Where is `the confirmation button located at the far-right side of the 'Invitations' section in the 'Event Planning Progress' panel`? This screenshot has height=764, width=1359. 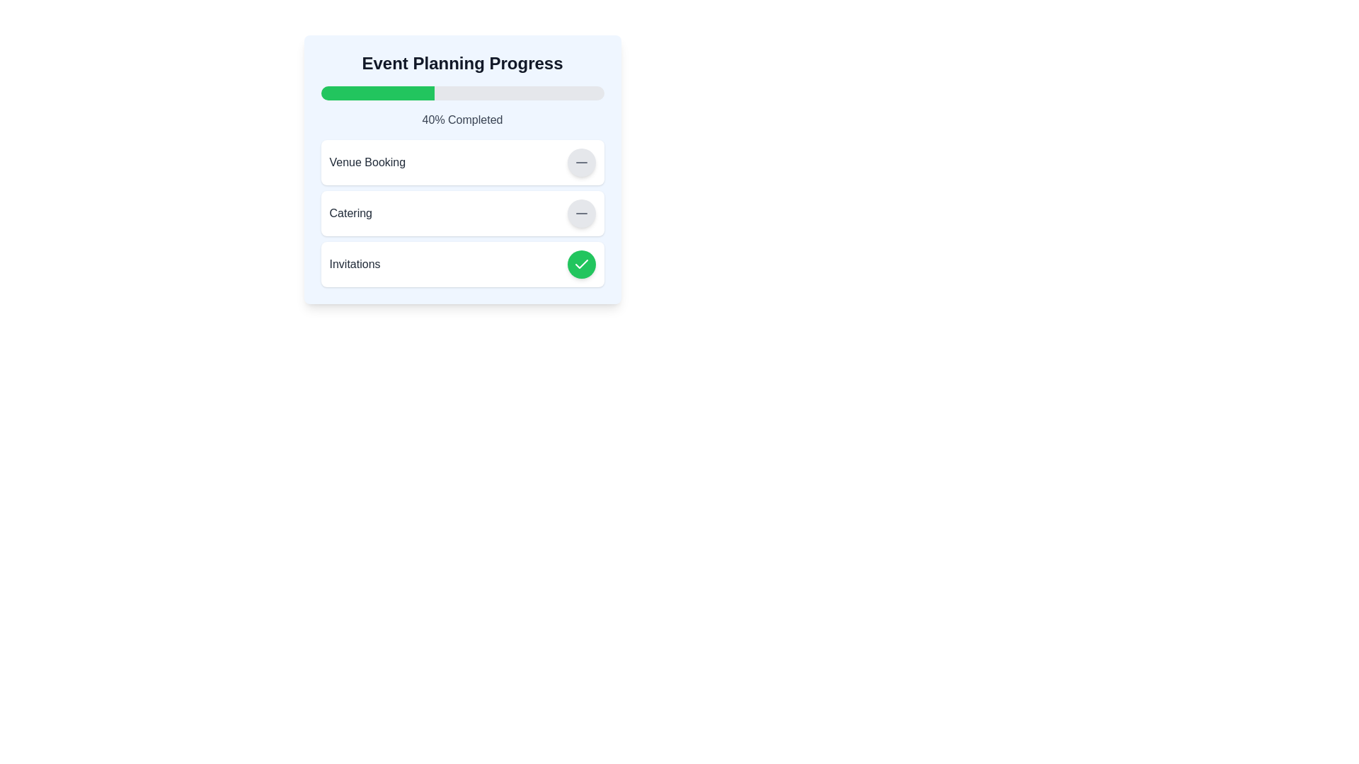
the confirmation button located at the far-right side of the 'Invitations' section in the 'Event Planning Progress' panel is located at coordinates (581, 265).